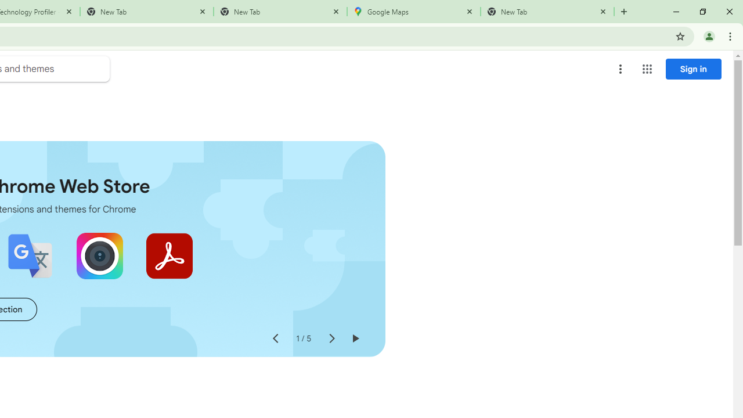 The width and height of the screenshot is (743, 418). What do you see at coordinates (168, 255) in the screenshot?
I see `'Adobe Acrobat: PDF edit, convert, sign tools'` at bounding box center [168, 255].